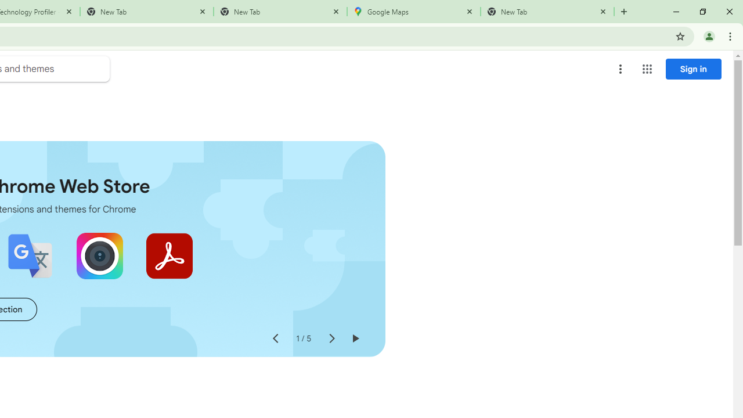 The width and height of the screenshot is (743, 418). What do you see at coordinates (168, 255) in the screenshot?
I see `'Adobe Acrobat: PDF edit, convert, sign tools'` at bounding box center [168, 255].